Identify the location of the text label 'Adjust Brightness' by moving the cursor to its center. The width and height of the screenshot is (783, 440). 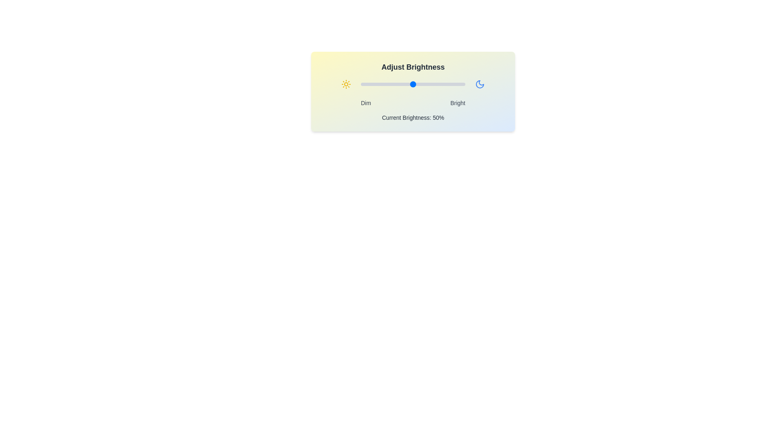
(413, 67).